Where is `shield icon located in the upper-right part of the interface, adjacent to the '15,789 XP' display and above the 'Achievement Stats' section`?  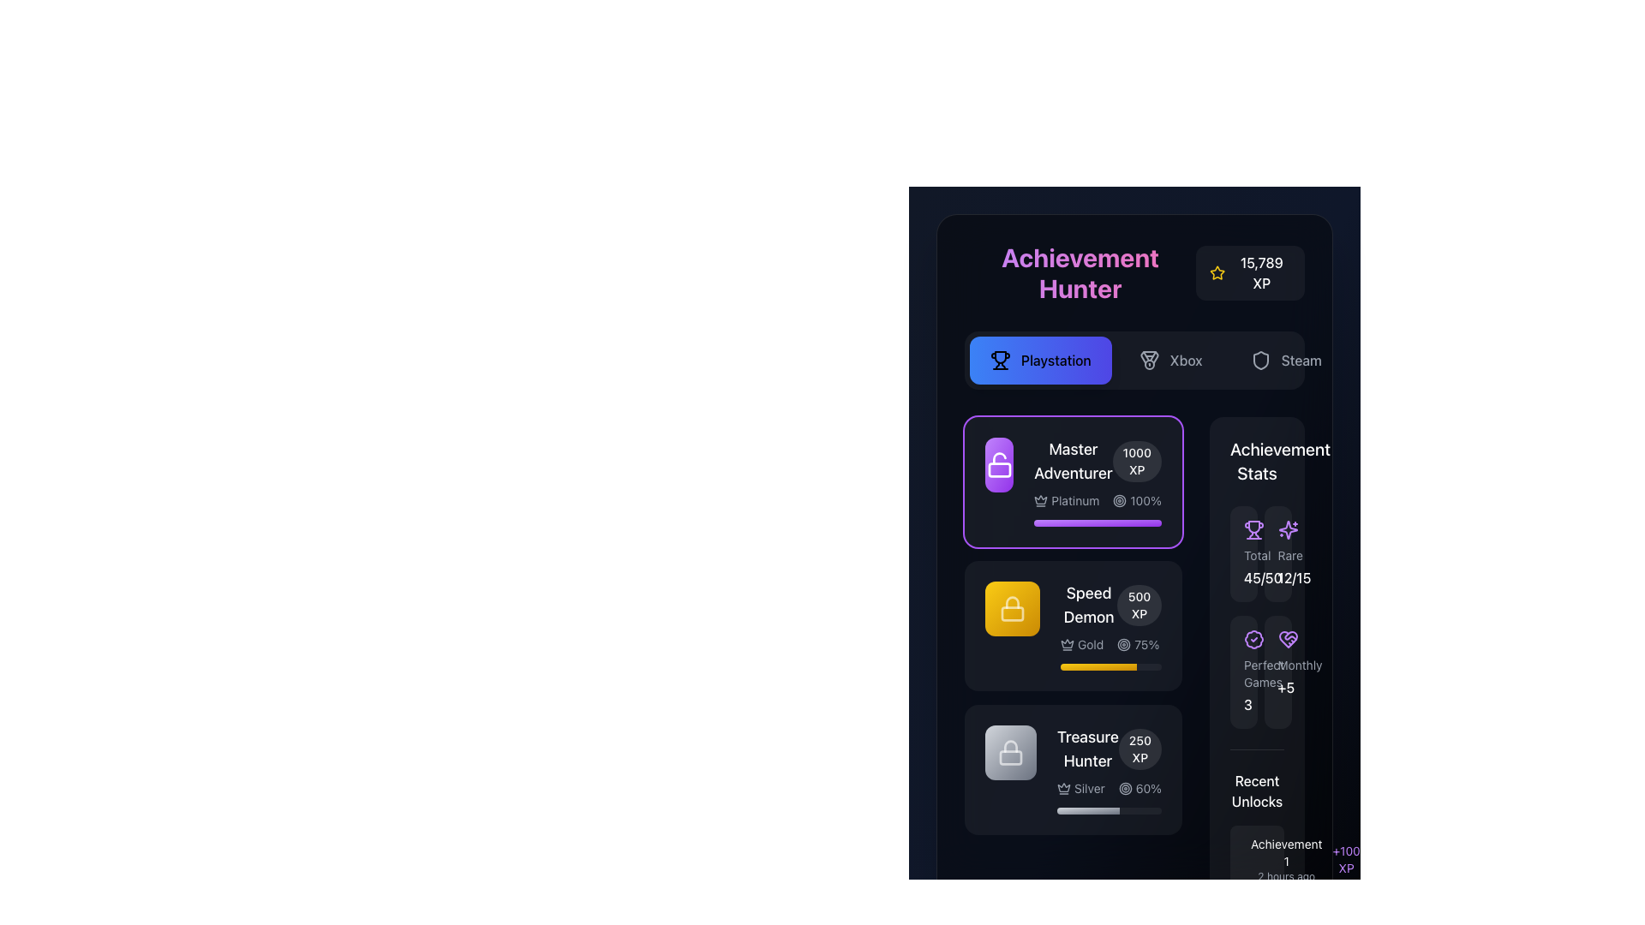
shield icon located in the upper-right part of the interface, adjacent to the '15,789 XP' display and above the 'Achievement Stats' section is located at coordinates (1260, 359).